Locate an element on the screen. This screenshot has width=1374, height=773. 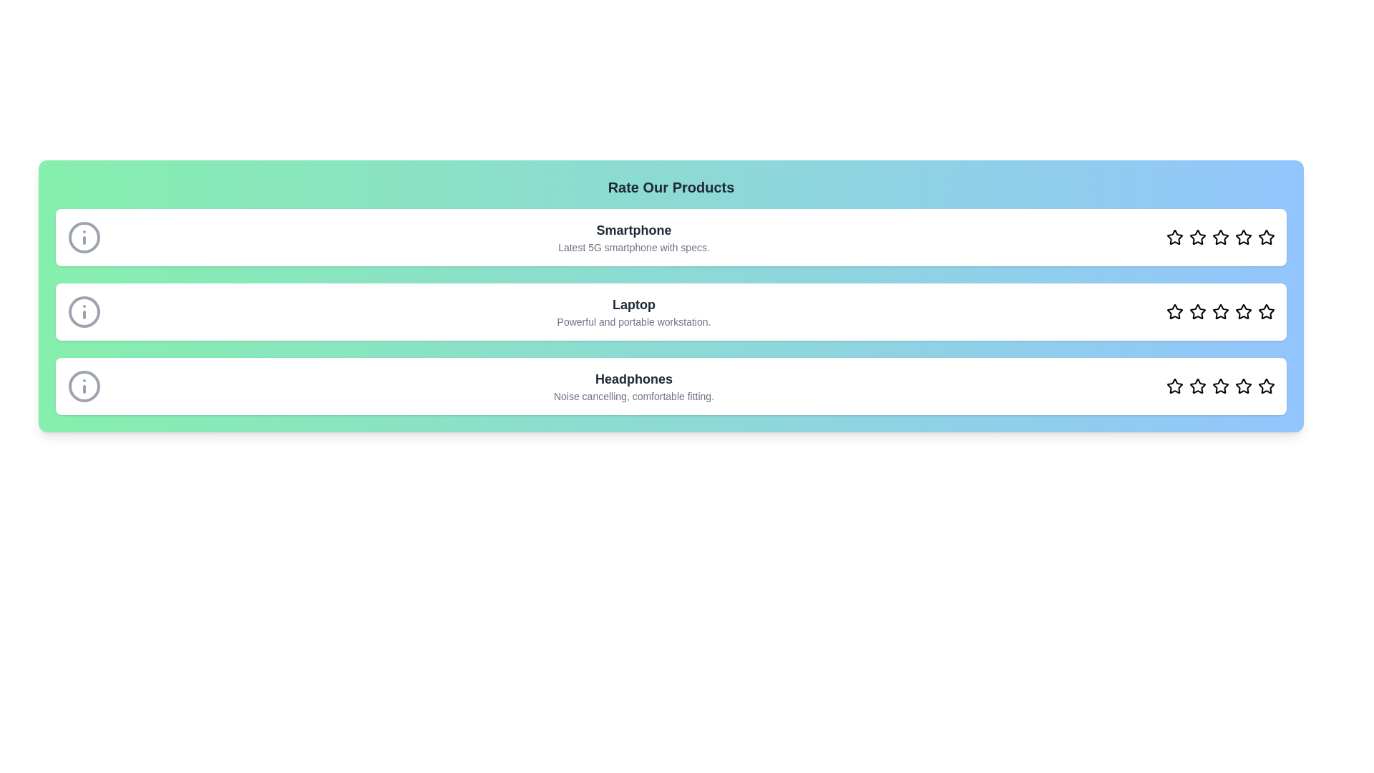
the fifth star rating icon in the product rating section for 'Laptop' is located at coordinates (1267, 311).